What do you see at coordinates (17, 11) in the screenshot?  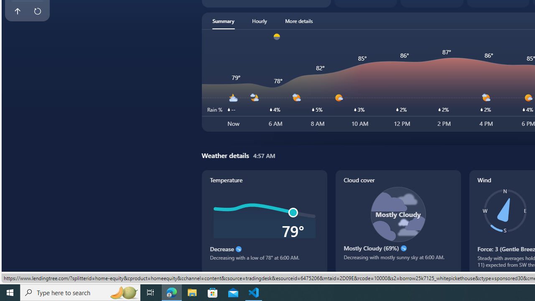 I see `'Back to top'` at bounding box center [17, 11].